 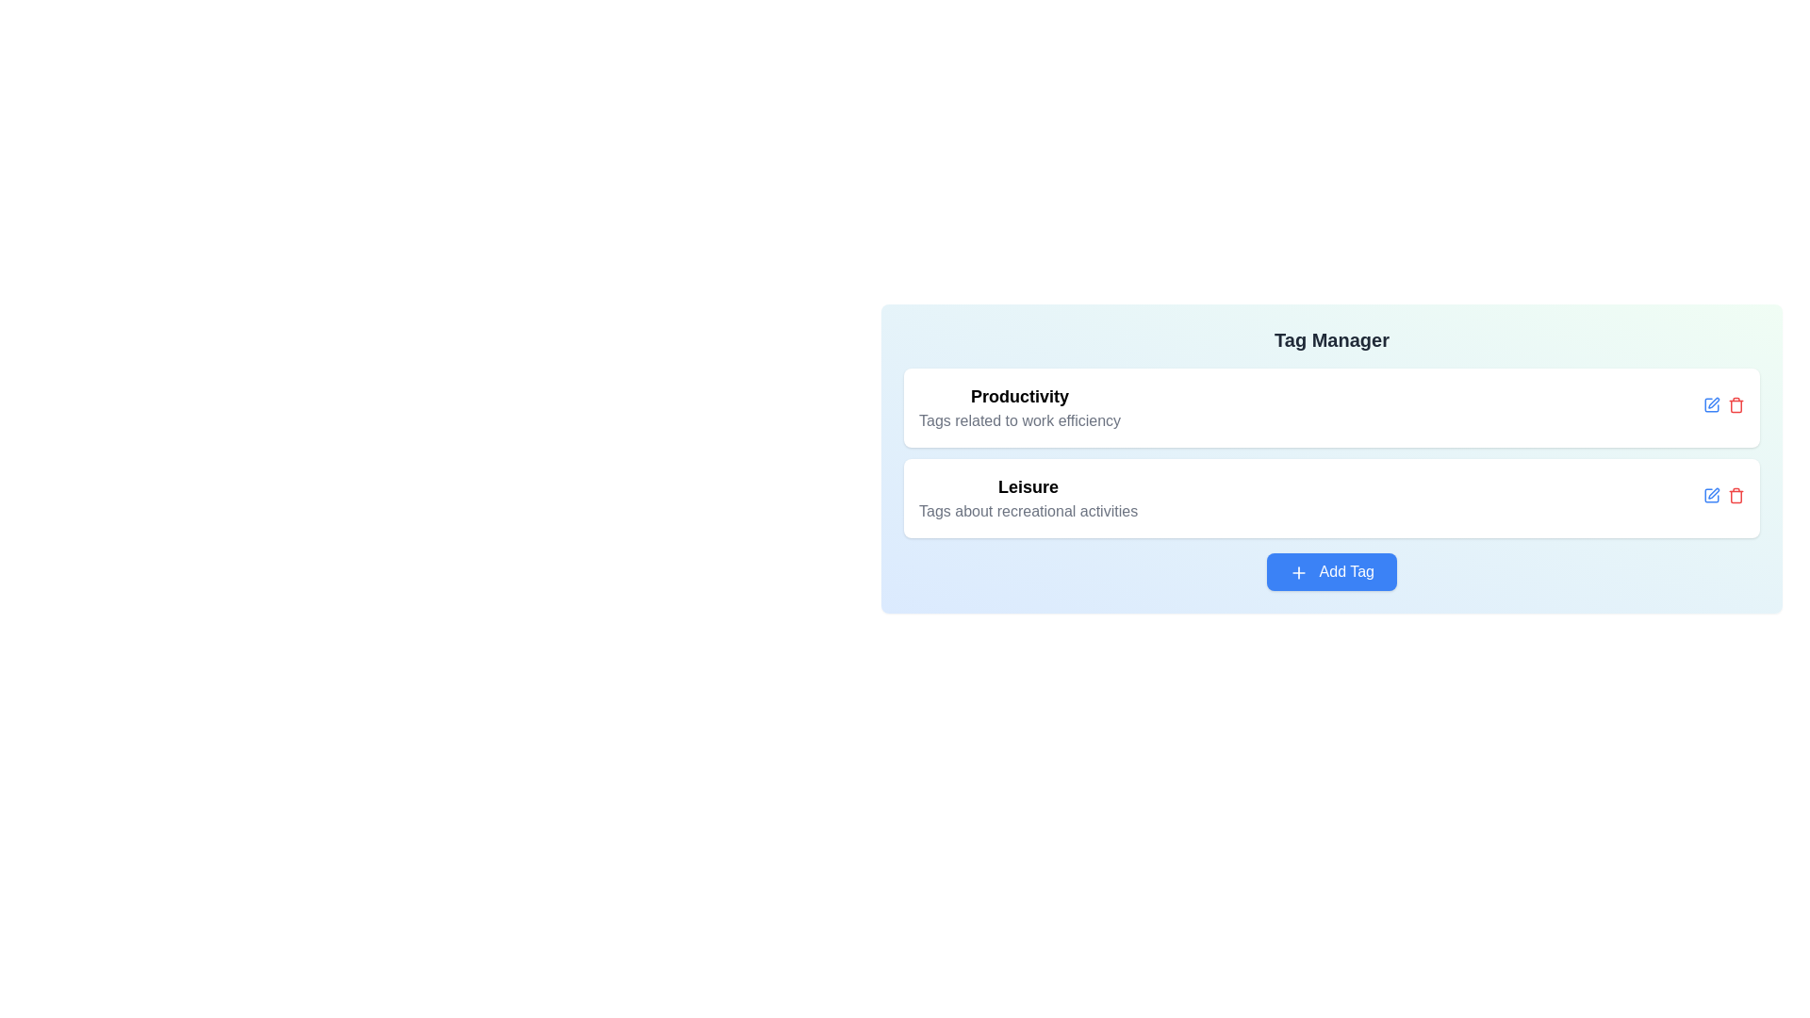 I want to click on the rectangular panel with a gradient background, rounded corners, containing a title, two labeled tags, and an interactive button, positioned centrally in the modal window, so click(x=1330, y=458).